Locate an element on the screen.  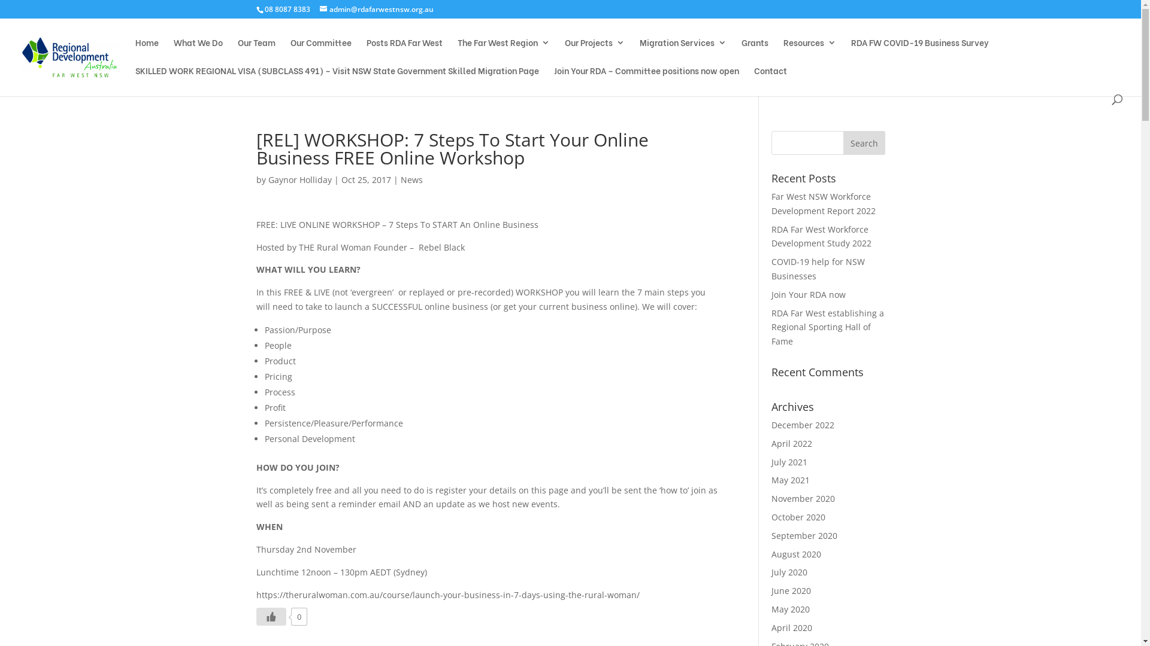
'Our Committee' is located at coordinates (321, 51).